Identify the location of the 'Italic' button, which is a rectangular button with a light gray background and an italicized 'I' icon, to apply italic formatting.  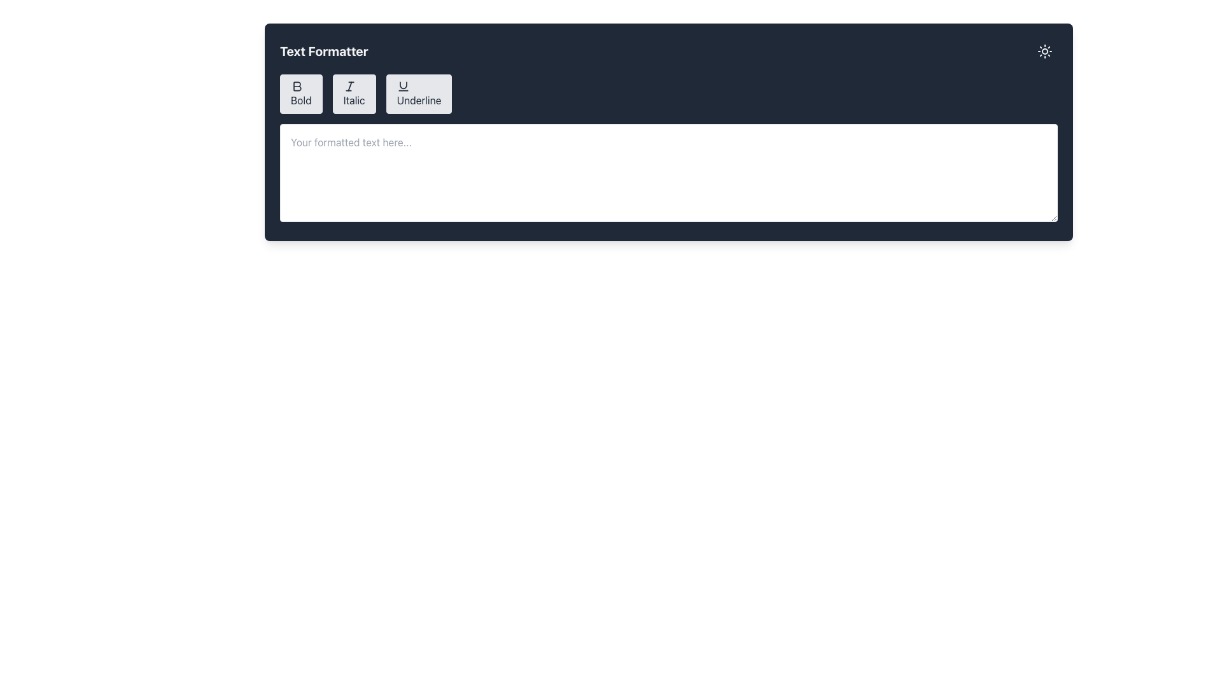
(354, 93).